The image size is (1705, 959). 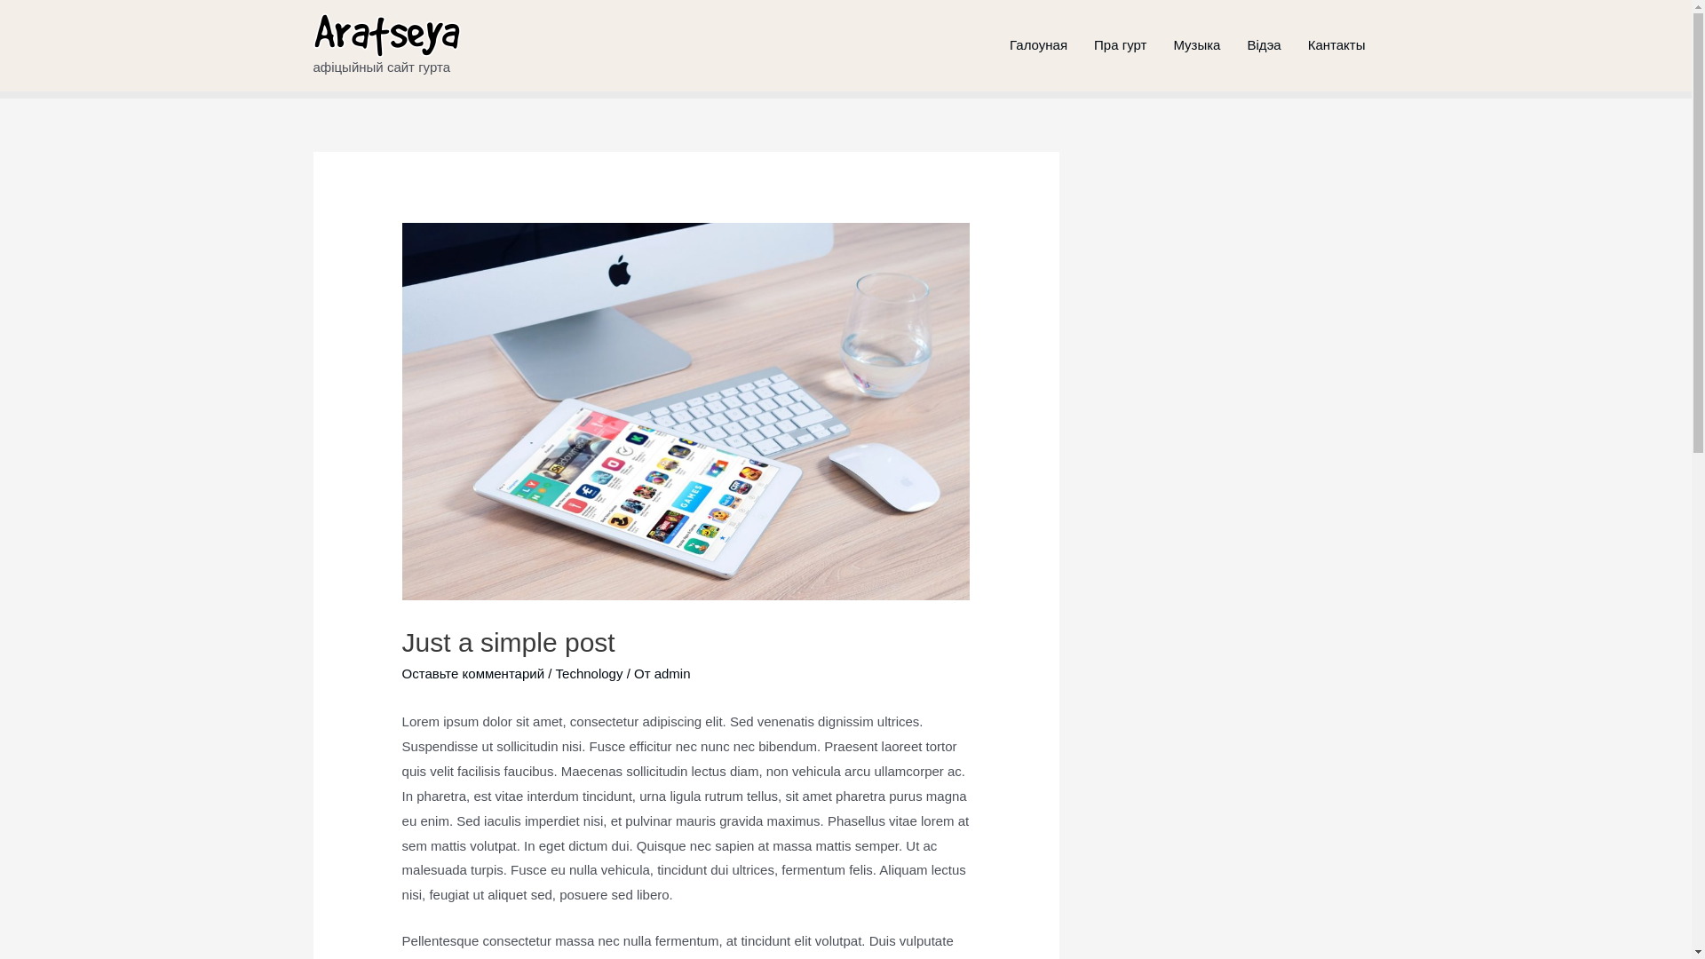 I want to click on 'admin', so click(x=671, y=673).